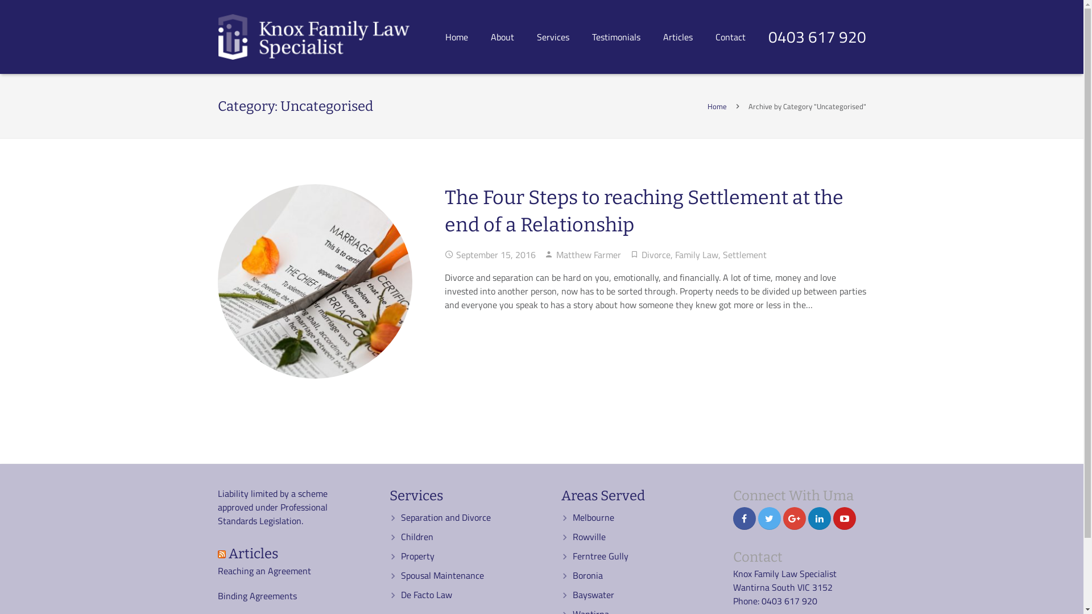  What do you see at coordinates (445, 517) in the screenshot?
I see `'Separation and Divorce'` at bounding box center [445, 517].